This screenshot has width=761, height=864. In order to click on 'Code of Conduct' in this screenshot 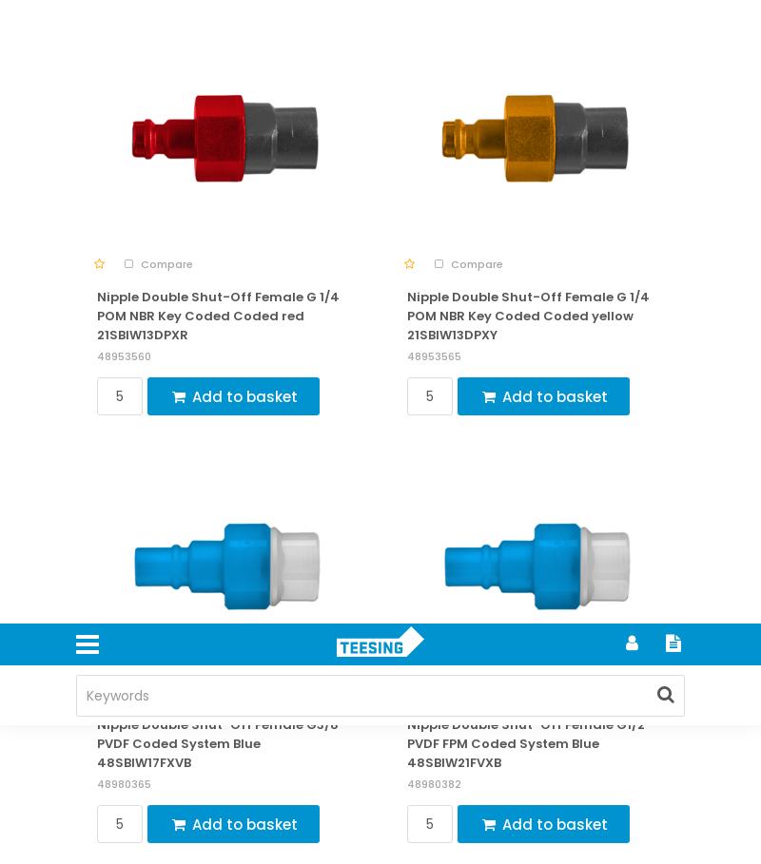, I will do `click(141, 68)`.